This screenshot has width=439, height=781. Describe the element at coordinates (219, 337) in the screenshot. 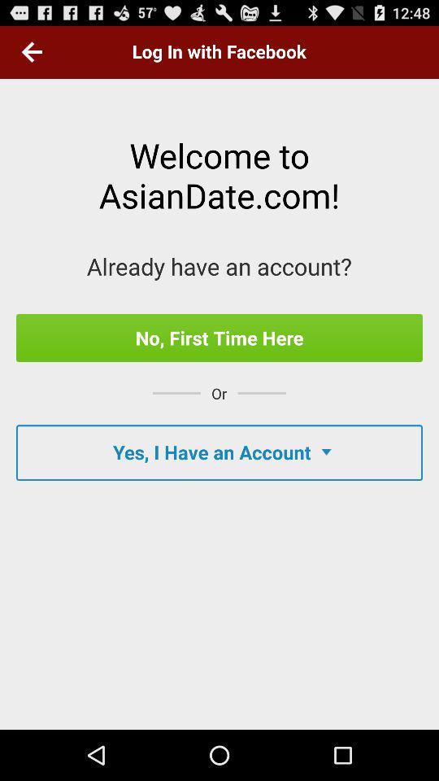

I see `the no first time button` at that location.